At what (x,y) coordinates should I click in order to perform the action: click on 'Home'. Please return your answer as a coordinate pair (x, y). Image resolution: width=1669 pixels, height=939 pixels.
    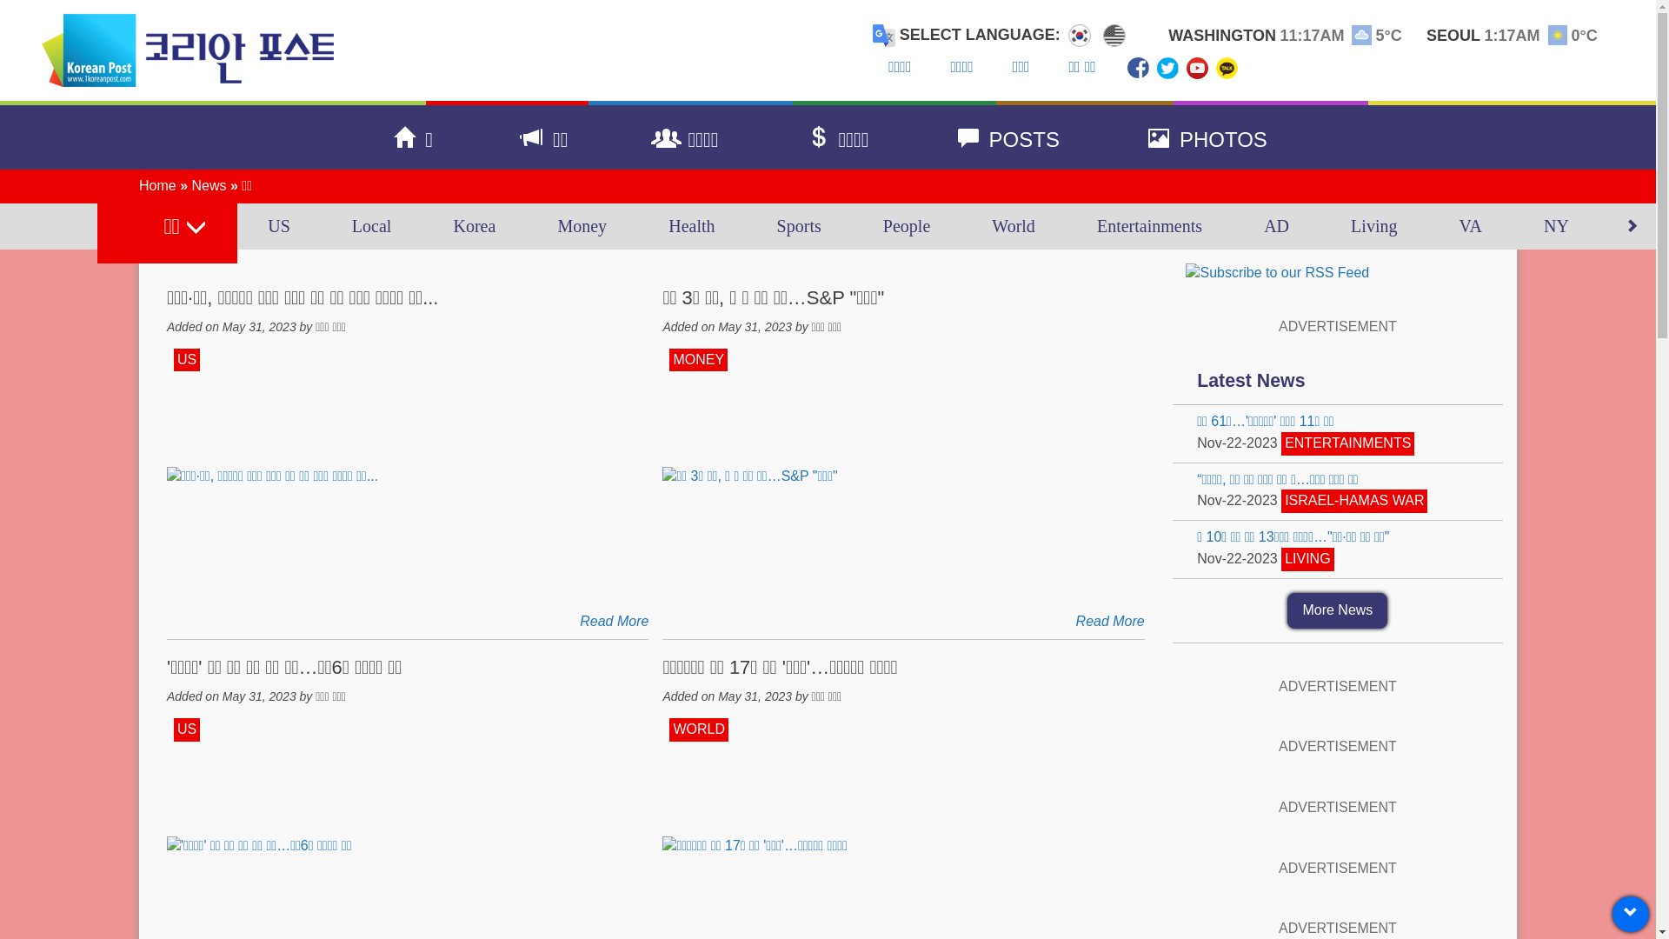
    Looking at the image, I should click on (157, 185).